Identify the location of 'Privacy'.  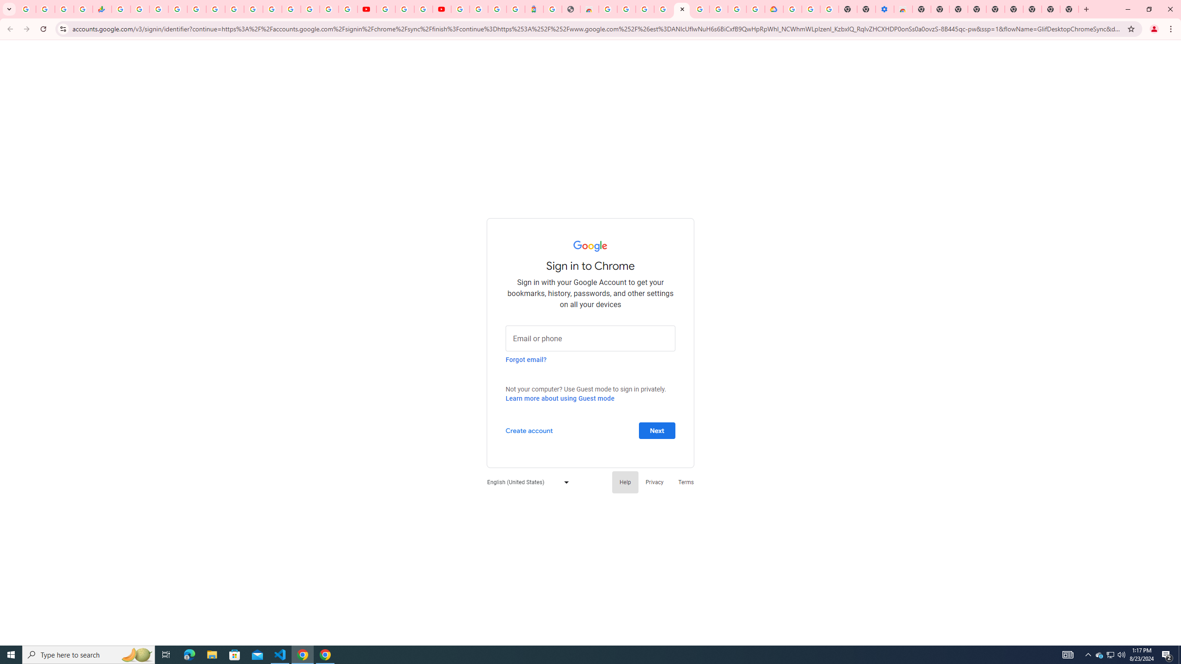
(654, 482).